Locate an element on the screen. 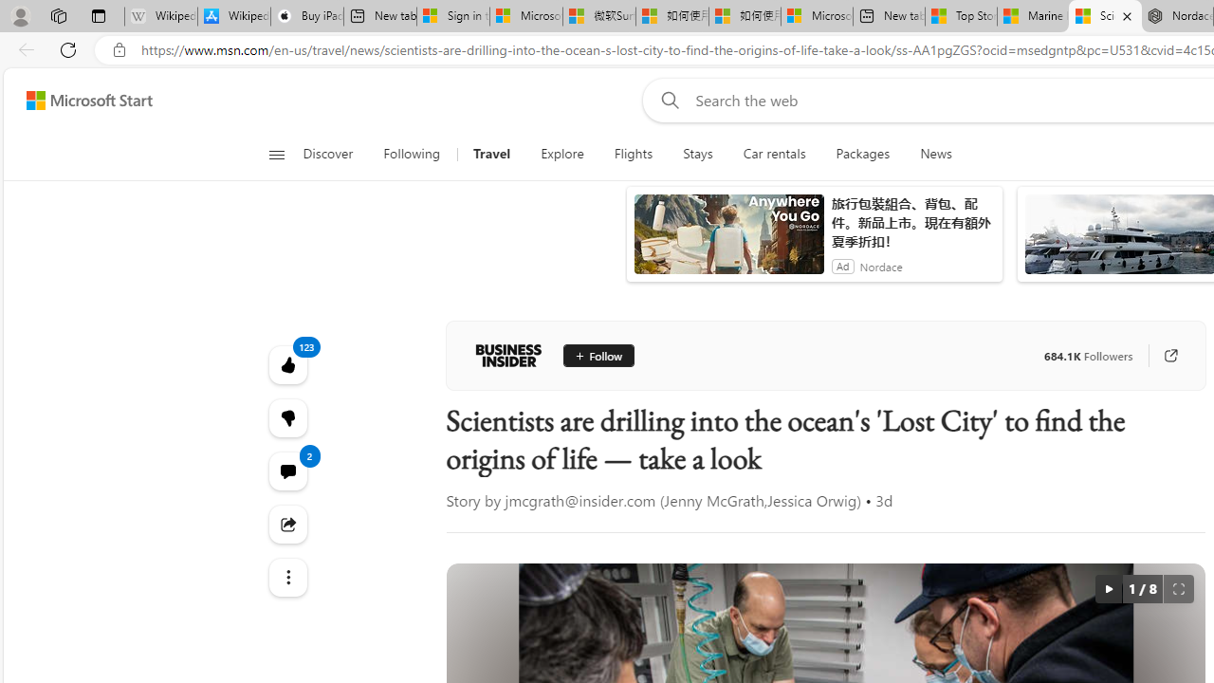  'Explore' is located at coordinates (561, 154).